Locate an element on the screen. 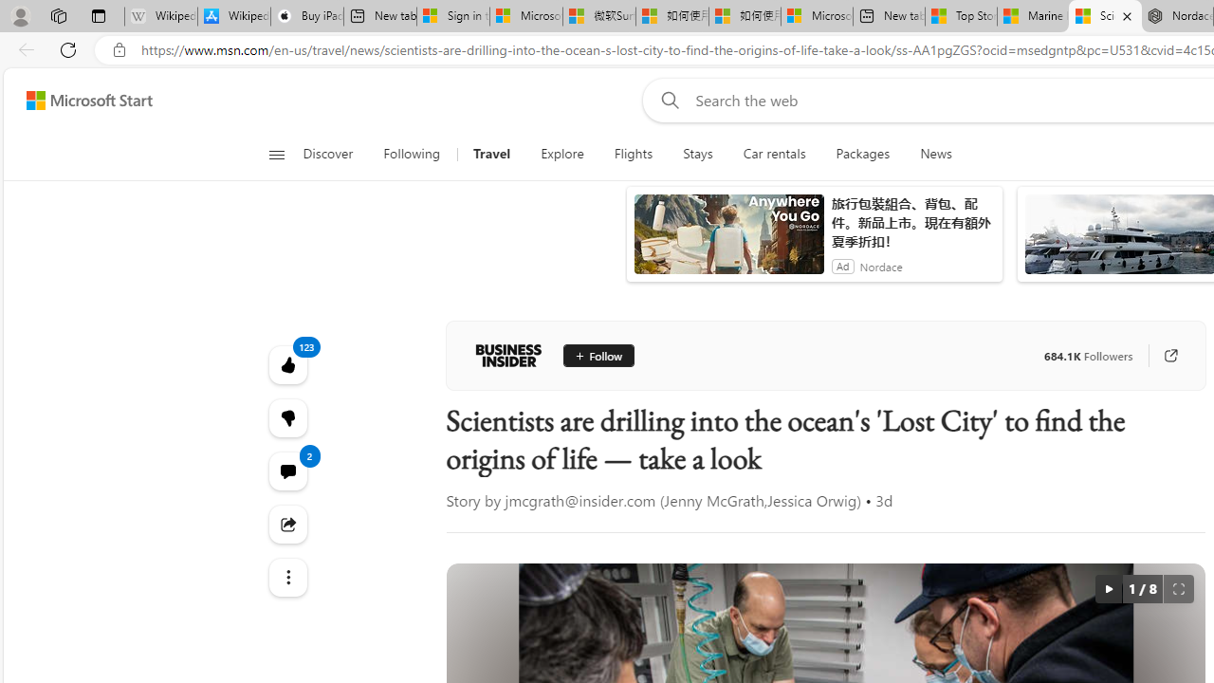  'Explore' is located at coordinates (561, 154).